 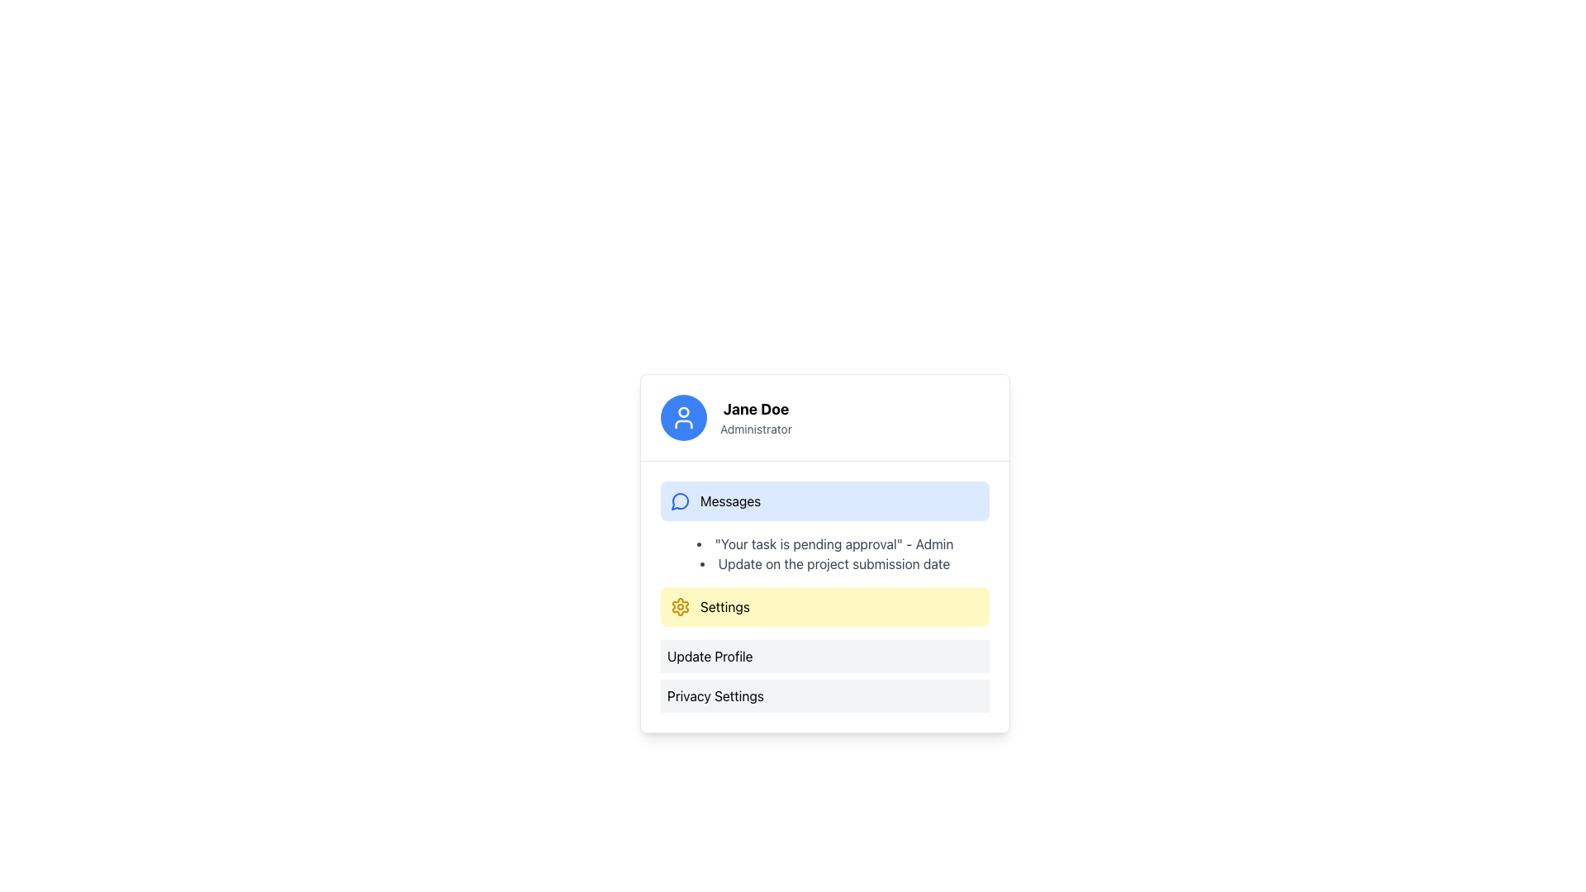 What do you see at coordinates (824, 554) in the screenshot?
I see `the notification messages Text Block located below the 'Messages' section and above the 'Settings' button in the central panel` at bounding box center [824, 554].